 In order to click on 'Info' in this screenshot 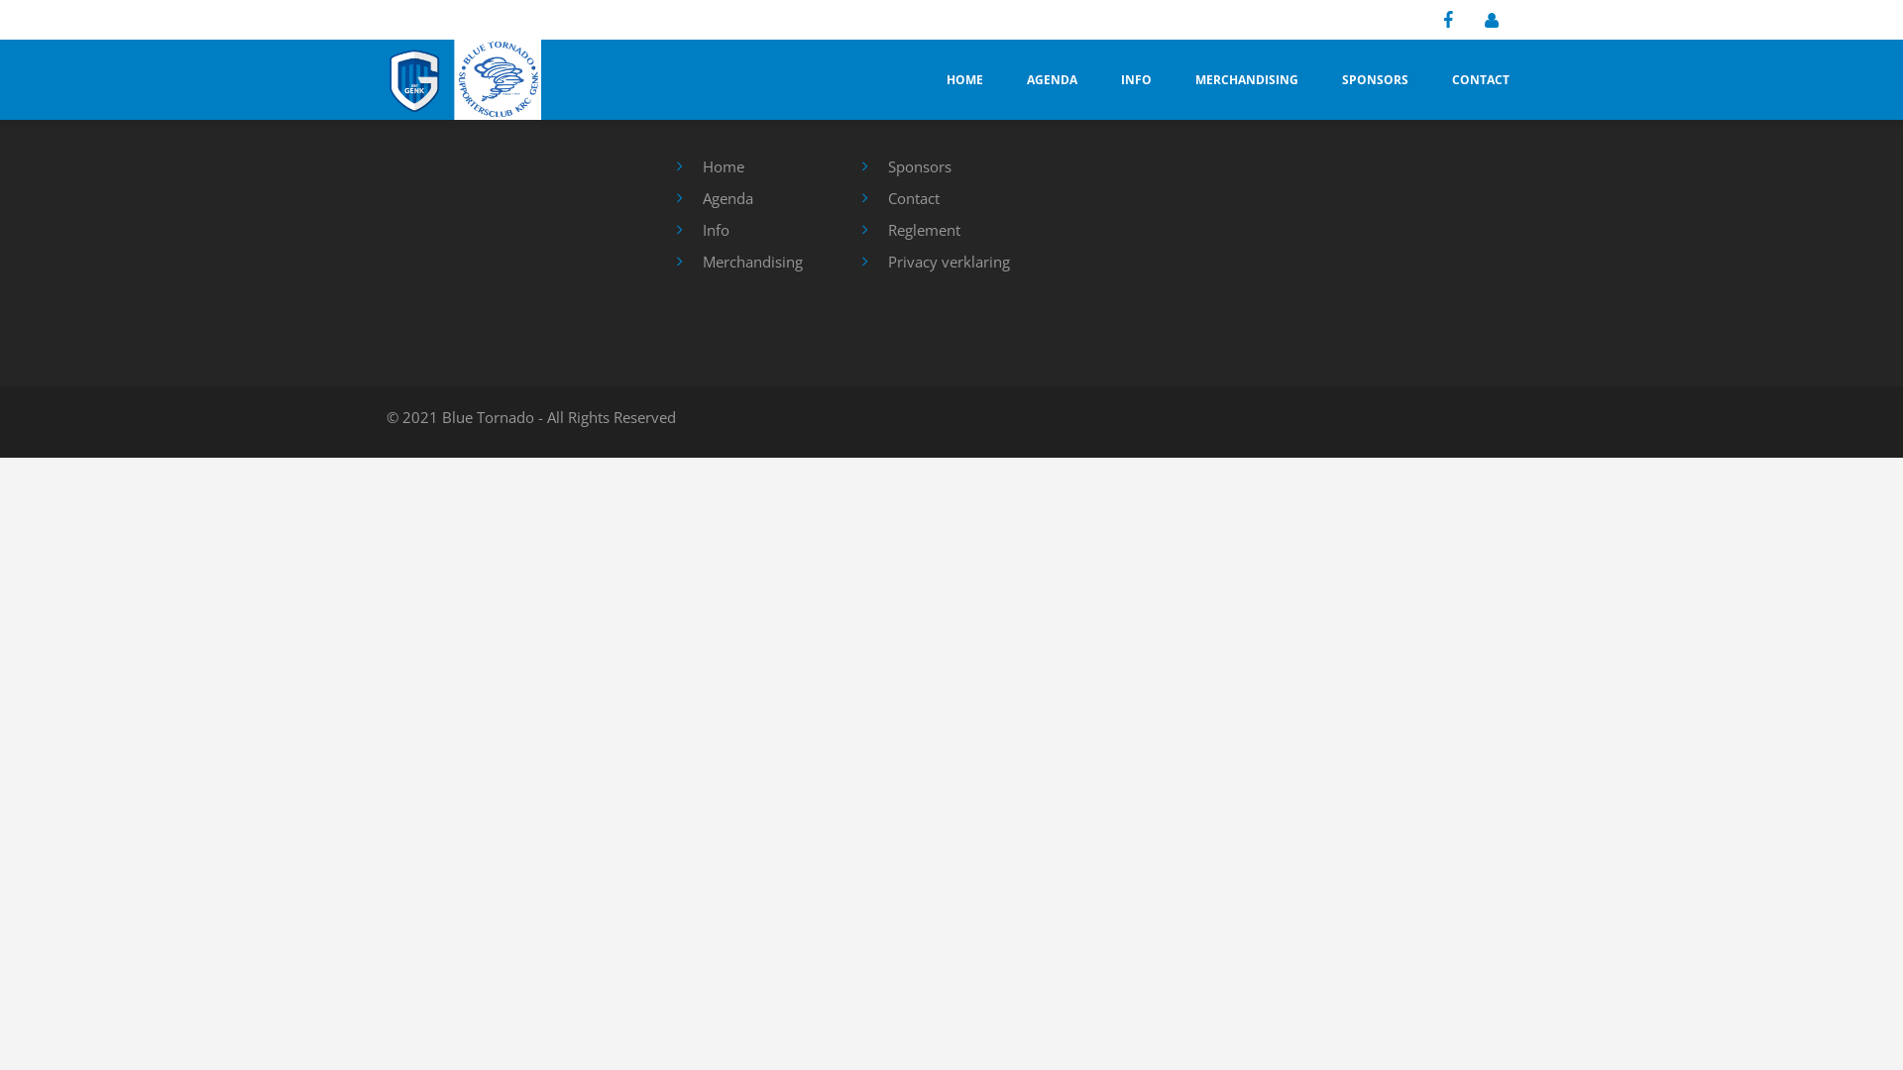, I will do `click(714, 228)`.